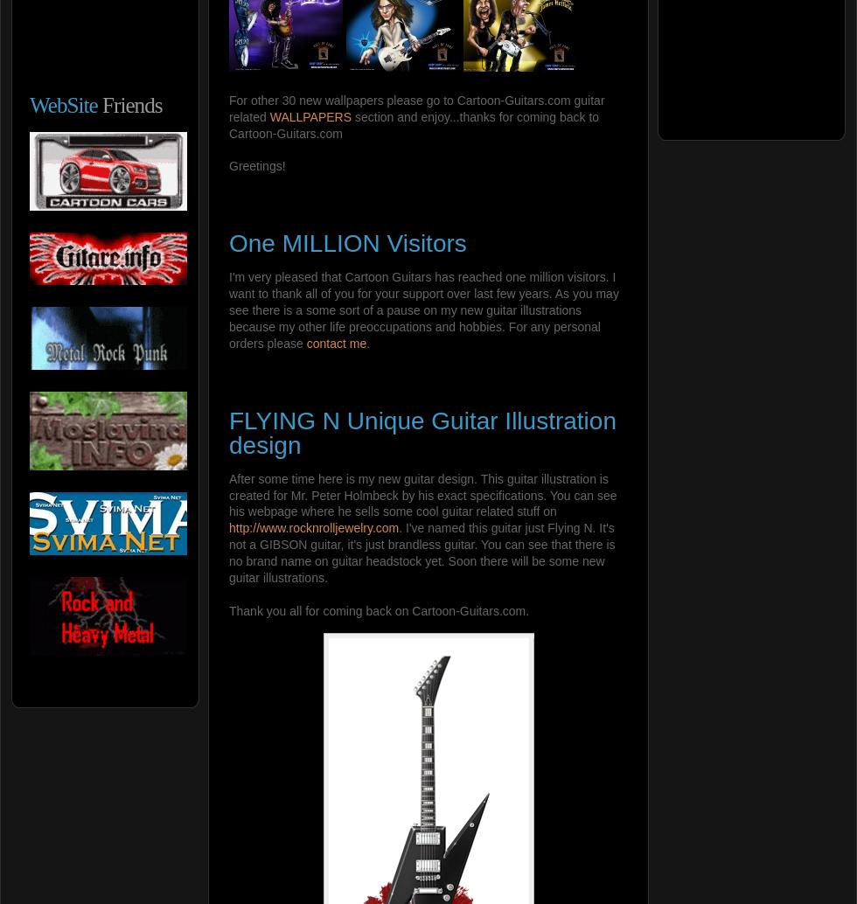  I want to click on '.', so click(368, 341).